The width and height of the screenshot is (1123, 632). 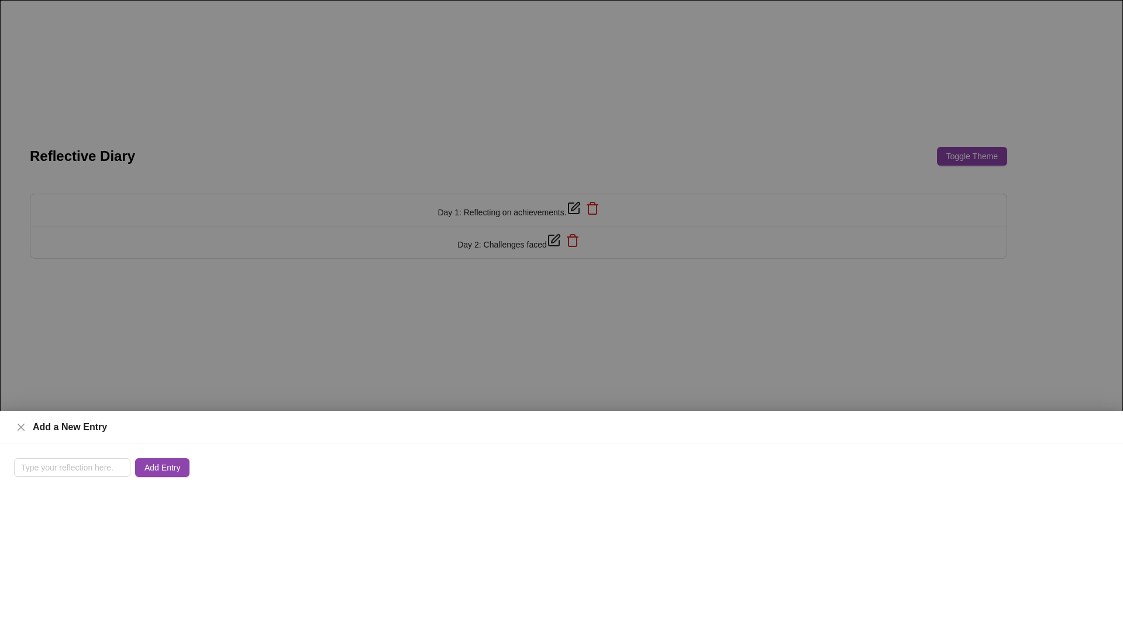 I want to click on the 'Toggle Theme' button located in the upper-right corner of the interface, so click(x=972, y=155).